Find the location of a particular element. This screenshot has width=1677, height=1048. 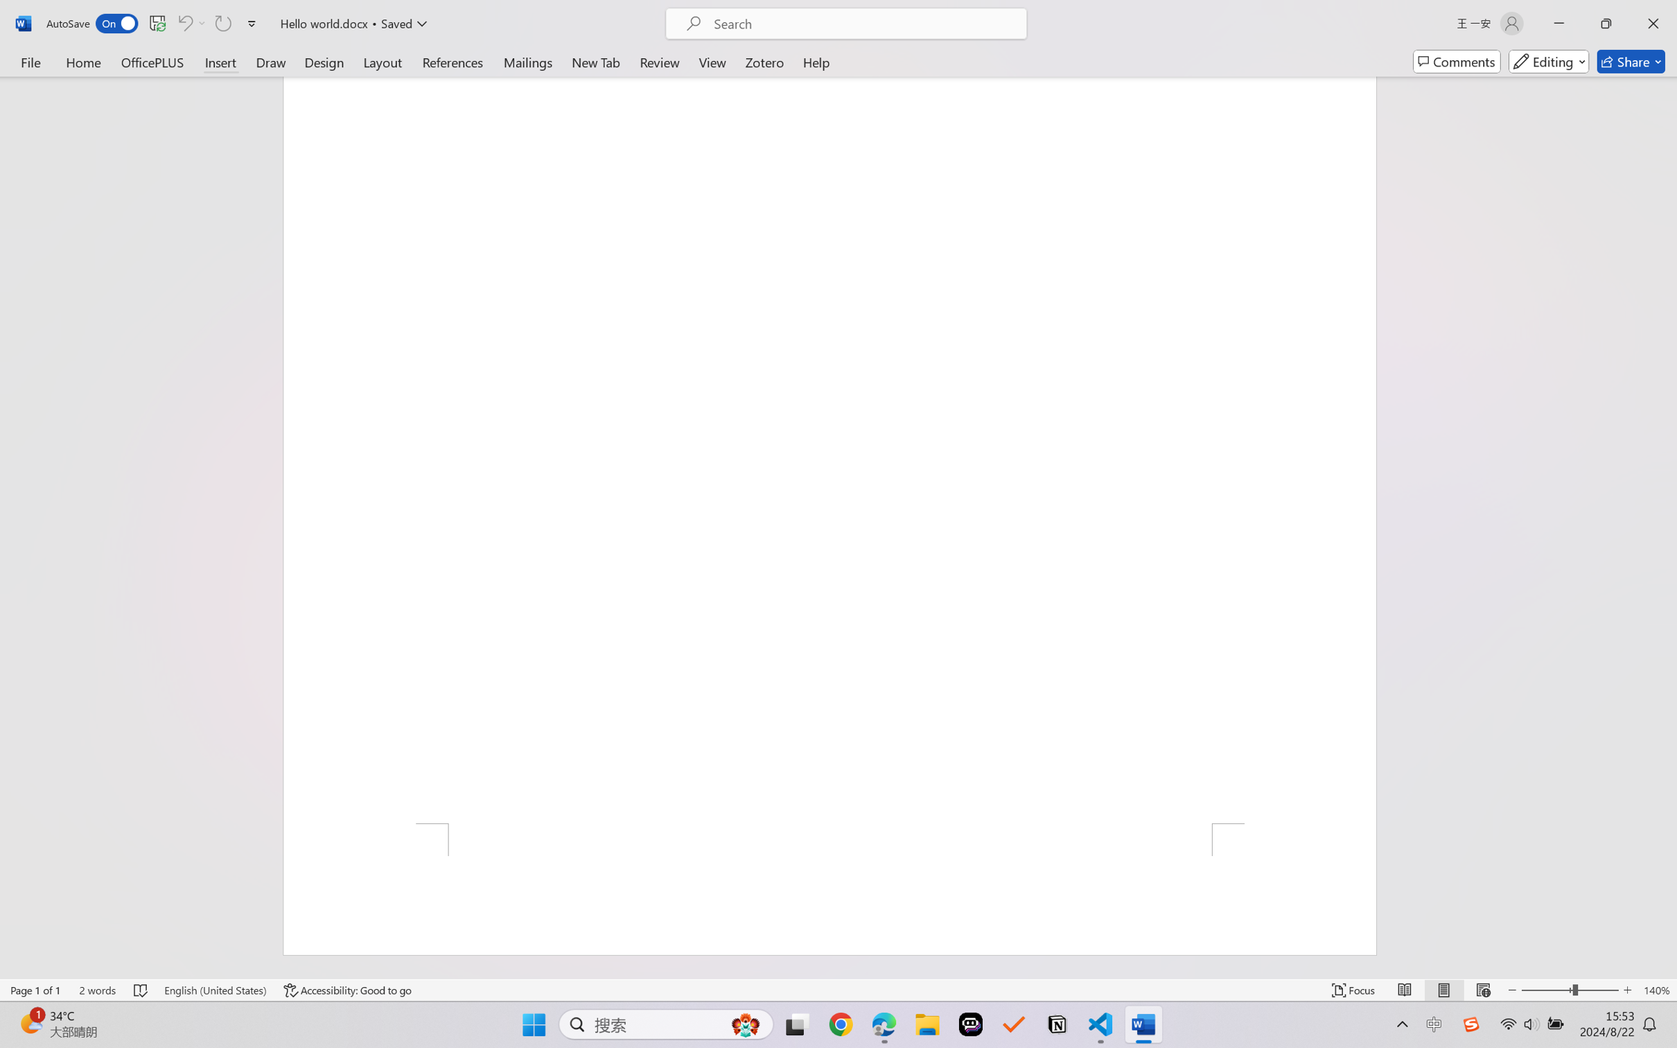

'Zoom In' is located at coordinates (1627, 990).